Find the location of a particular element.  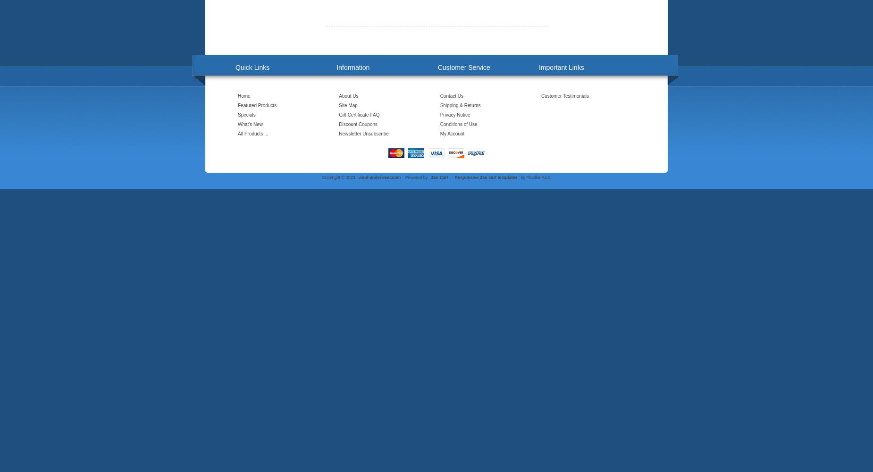

'Newsletter Unsubscribe' is located at coordinates (363, 134).